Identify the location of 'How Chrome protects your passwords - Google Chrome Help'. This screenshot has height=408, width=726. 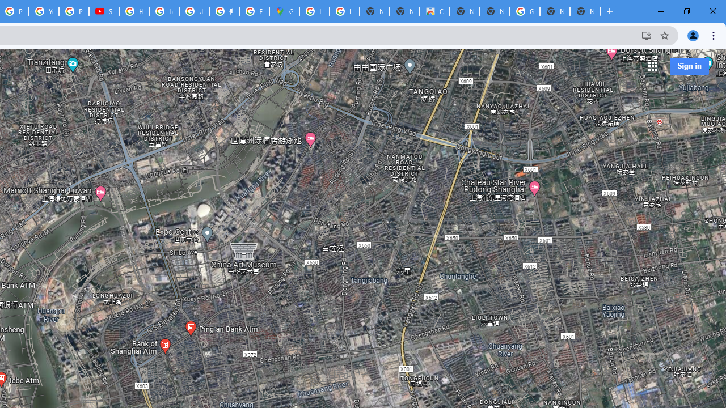
(134, 11).